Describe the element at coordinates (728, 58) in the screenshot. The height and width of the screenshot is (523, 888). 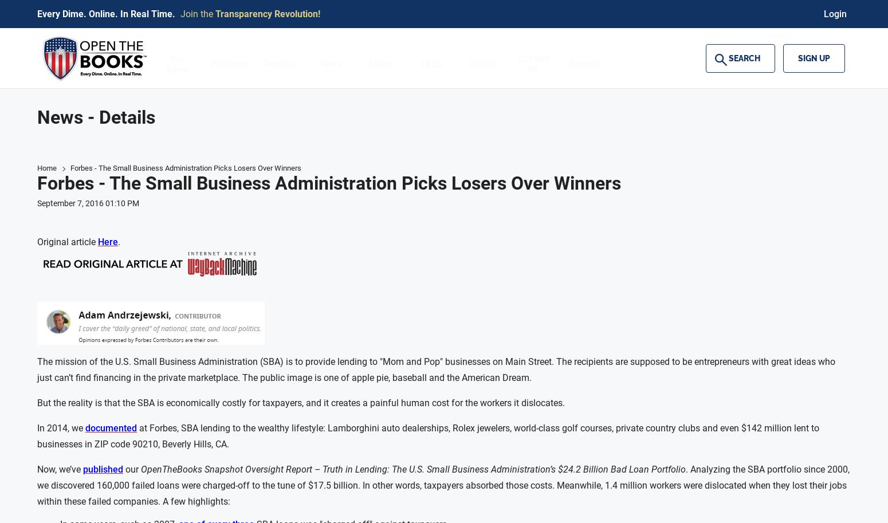
I see `'Search'` at that location.